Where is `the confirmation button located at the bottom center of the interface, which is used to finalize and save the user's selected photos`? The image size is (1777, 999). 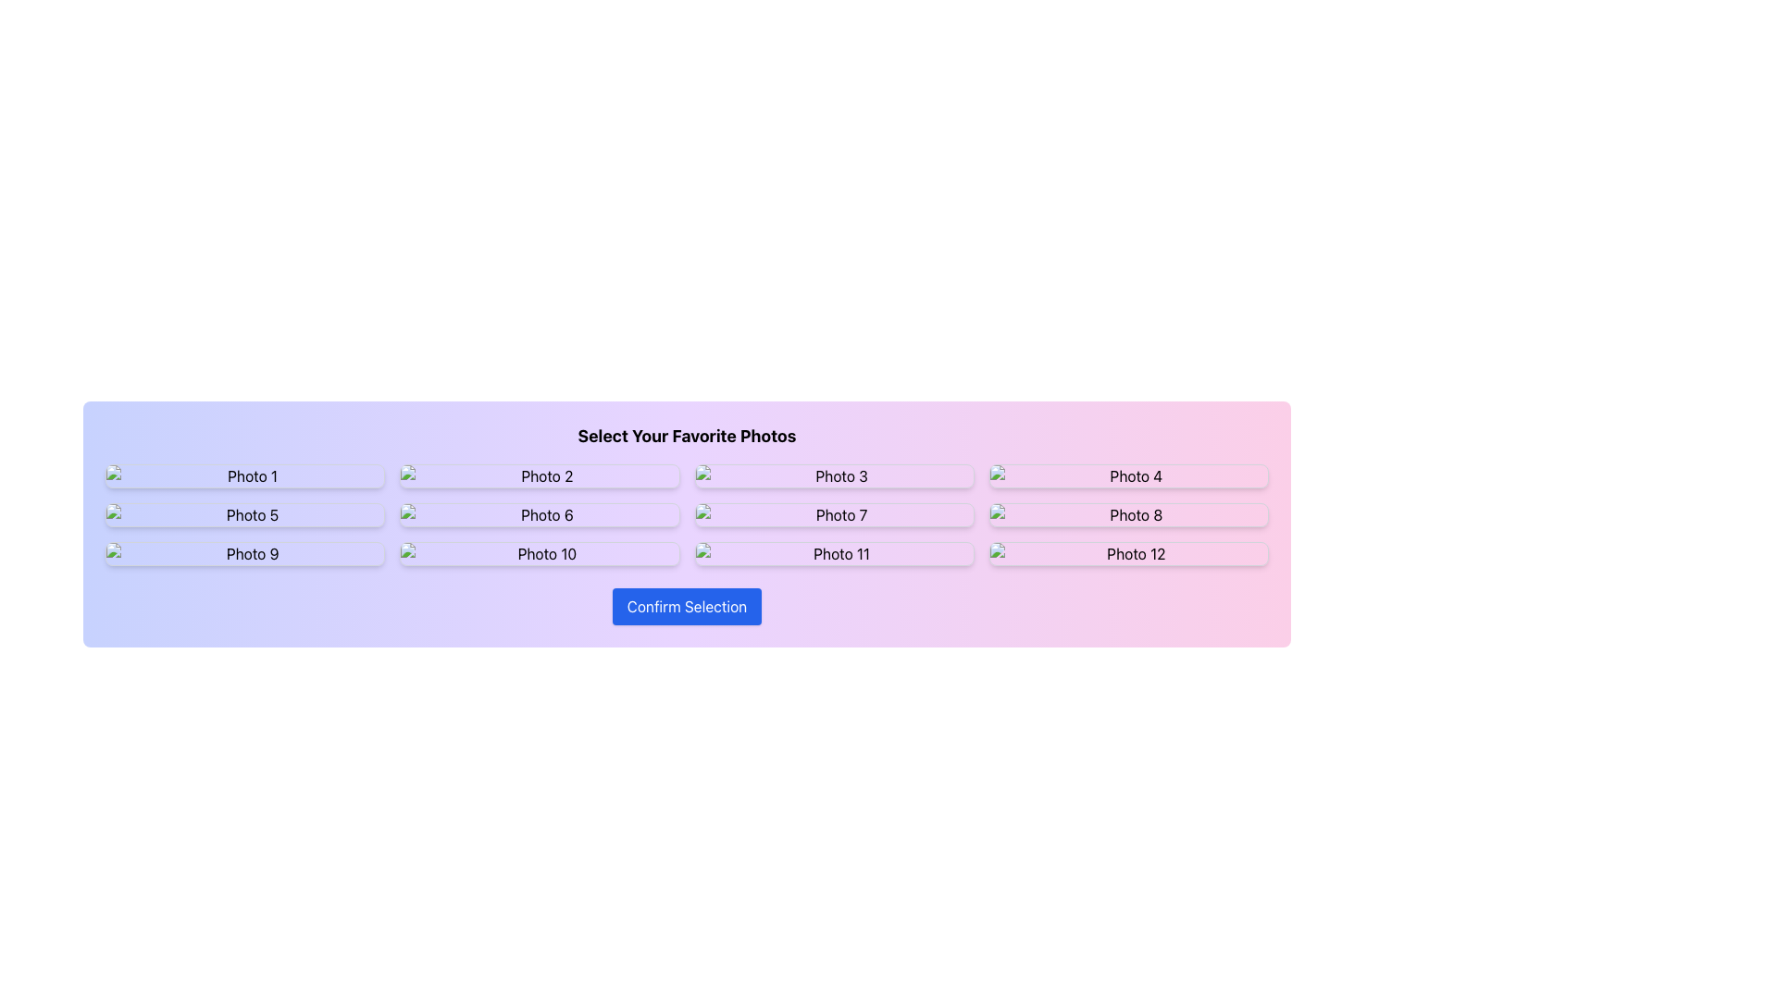
the confirmation button located at the bottom center of the interface, which is used to finalize and save the user's selected photos is located at coordinates (686, 606).